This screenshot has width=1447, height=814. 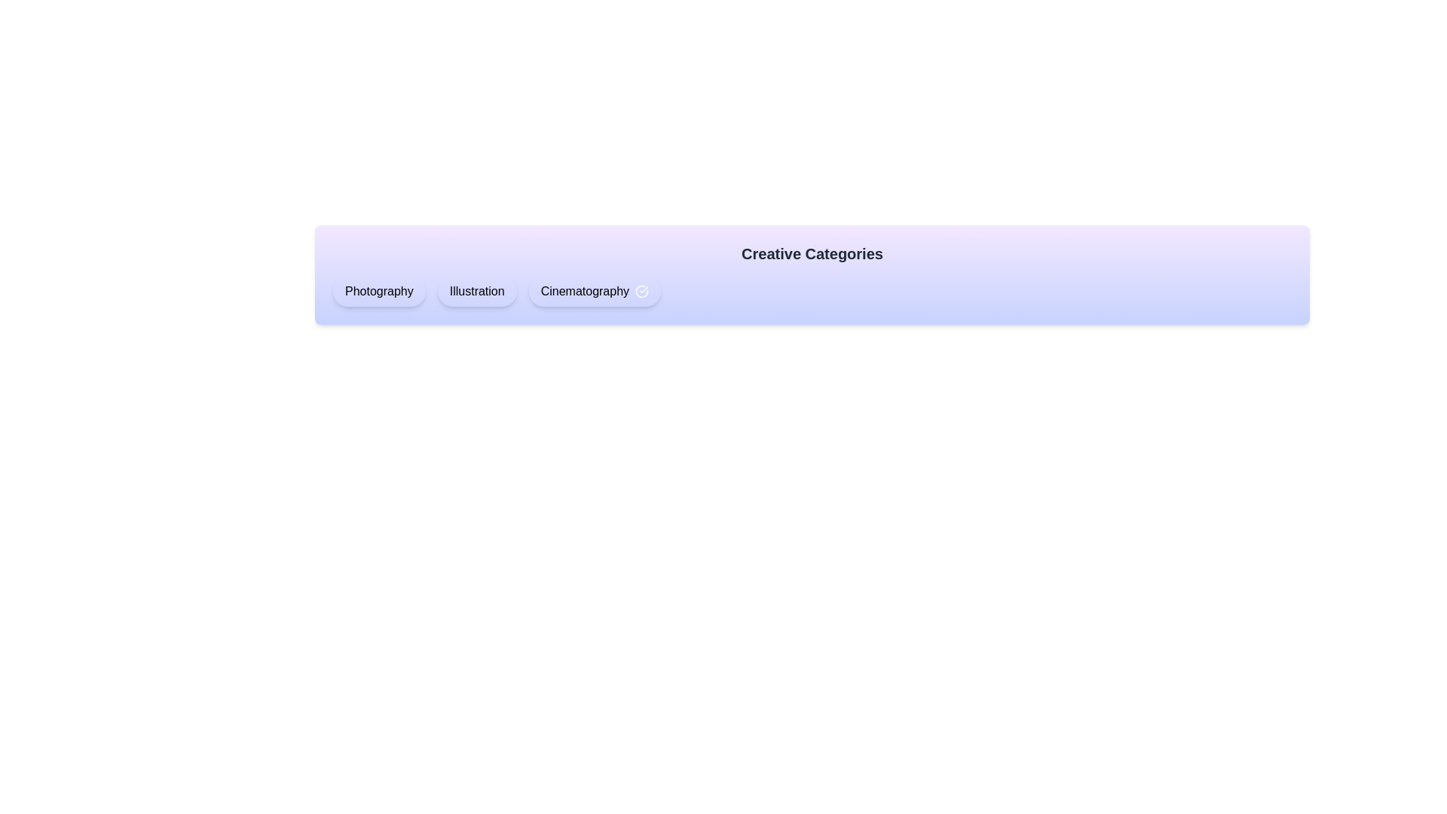 What do you see at coordinates (594, 291) in the screenshot?
I see `the chip labeled Cinematography` at bounding box center [594, 291].